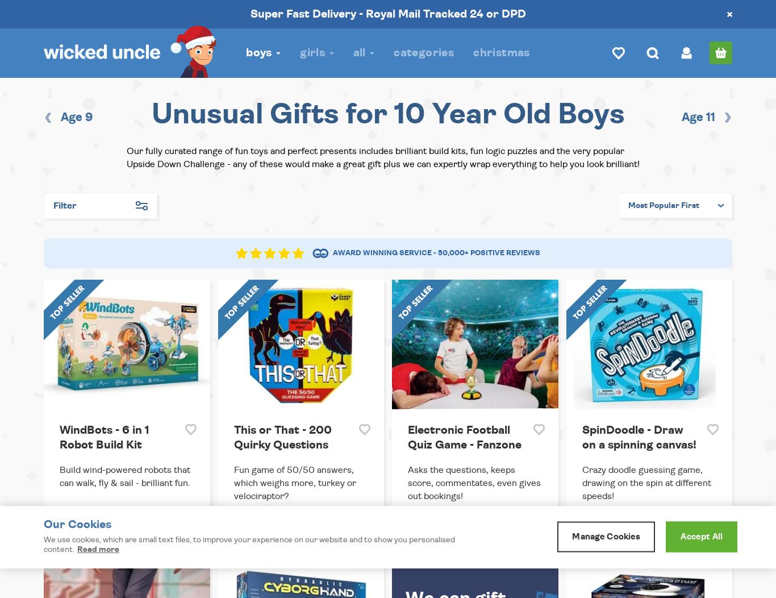 Image resolution: width=776 pixels, height=598 pixels. Describe the element at coordinates (382, 253) in the screenshot. I see `'Award winning service'` at that location.